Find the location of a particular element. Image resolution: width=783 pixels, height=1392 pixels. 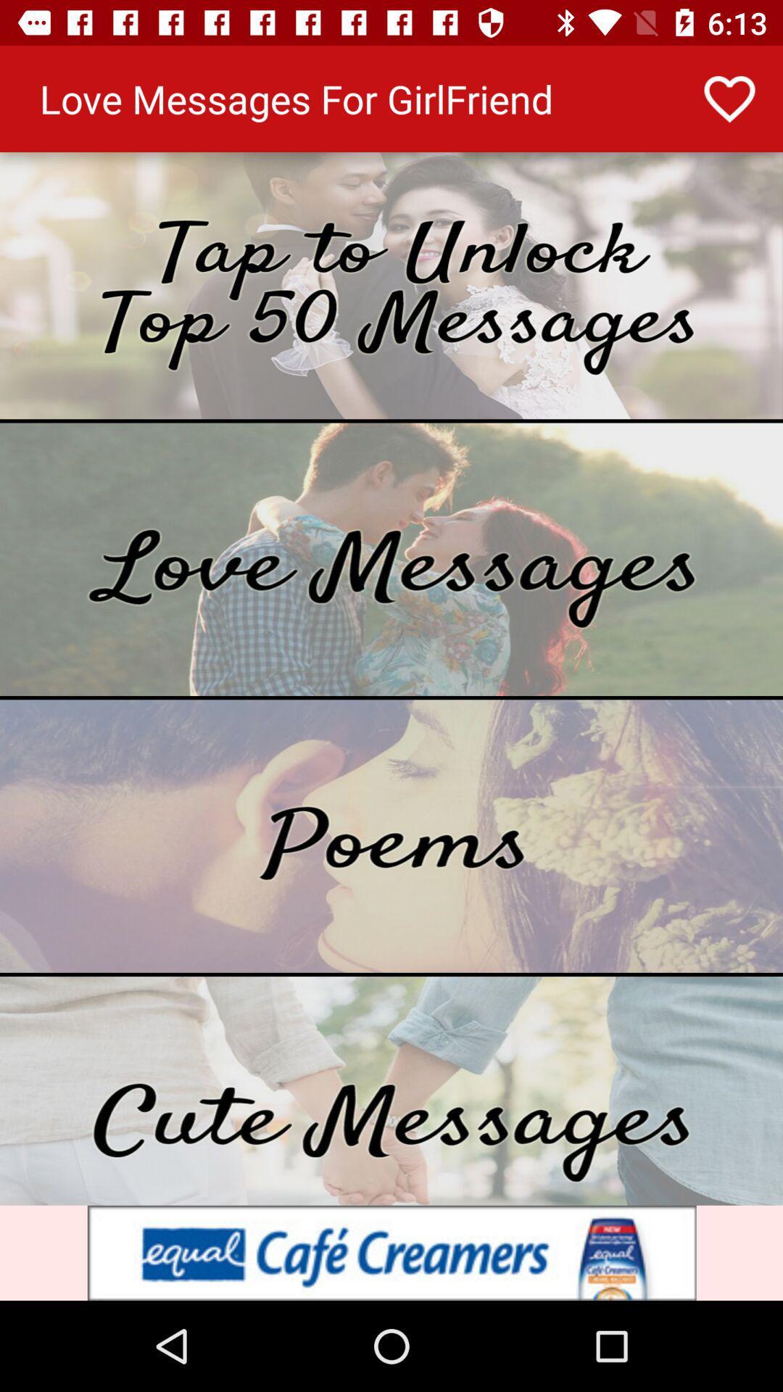

advertisements website is located at coordinates (391, 1252).